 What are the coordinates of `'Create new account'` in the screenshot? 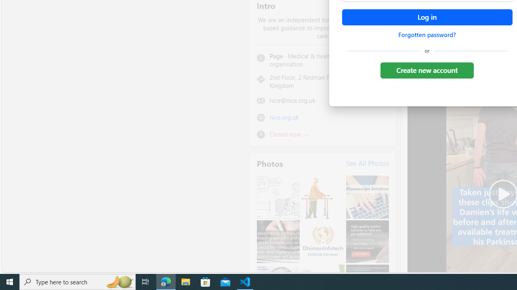 It's located at (427, 70).